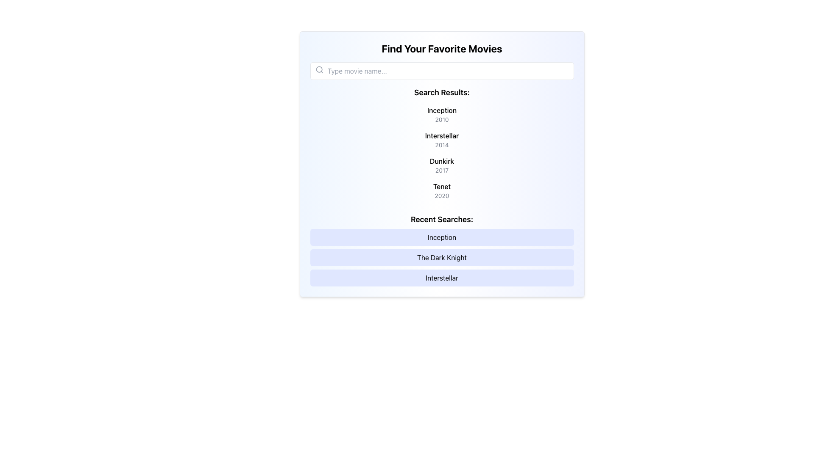 Image resolution: width=814 pixels, height=457 pixels. I want to click on the search icon located at the leftmost end of the input field, which signifies the search functionality, so click(319, 69).